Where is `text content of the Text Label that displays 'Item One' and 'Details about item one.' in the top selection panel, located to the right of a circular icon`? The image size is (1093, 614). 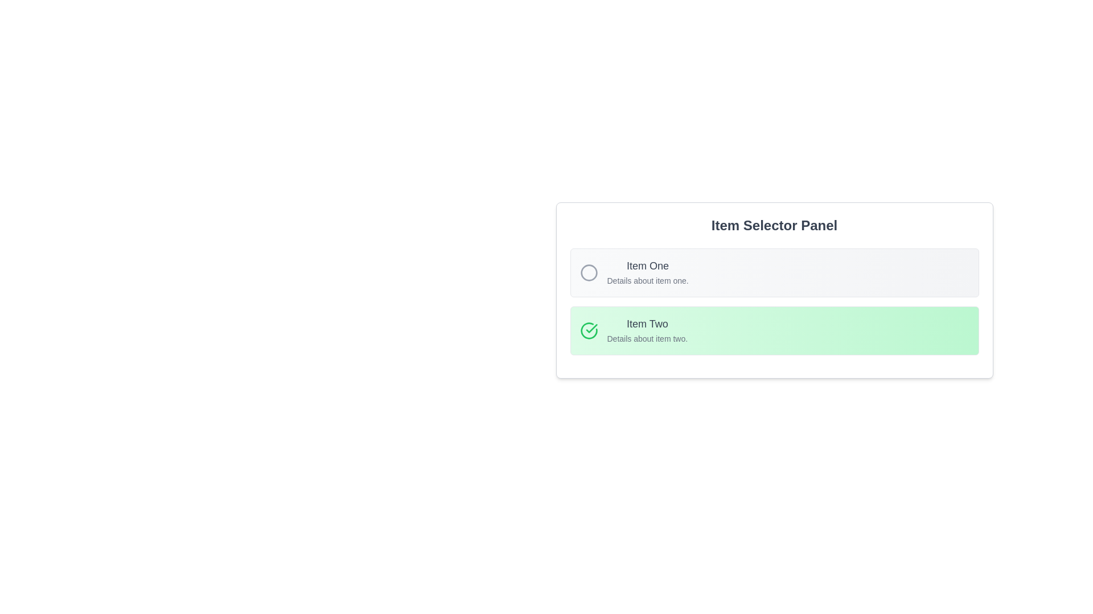
text content of the Text Label that displays 'Item One' and 'Details about item one.' in the top selection panel, located to the right of a circular icon is located at coordinates (648, 272).